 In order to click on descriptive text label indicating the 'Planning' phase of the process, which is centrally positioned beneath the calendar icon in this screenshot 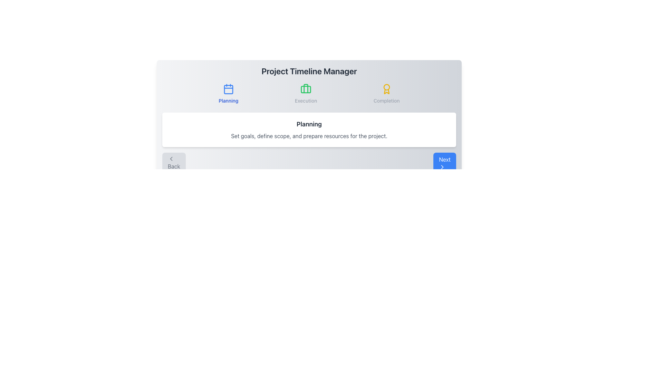, I will do `click(228, 101)`.